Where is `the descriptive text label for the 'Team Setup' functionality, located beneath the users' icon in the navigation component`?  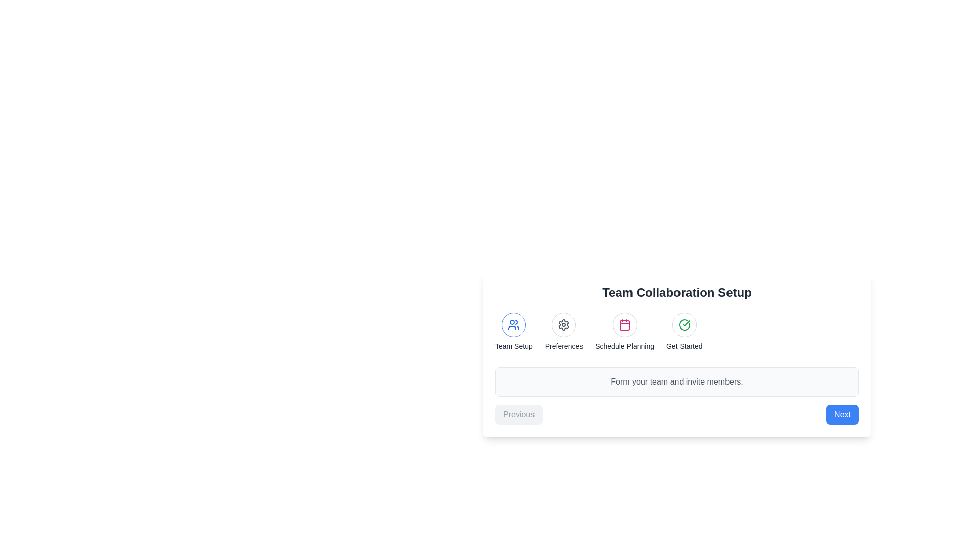 the descriptive text label for the 'Team Setup' functionality, located beneath the users' icon in the navigation component is located at coordinates (514, 346).